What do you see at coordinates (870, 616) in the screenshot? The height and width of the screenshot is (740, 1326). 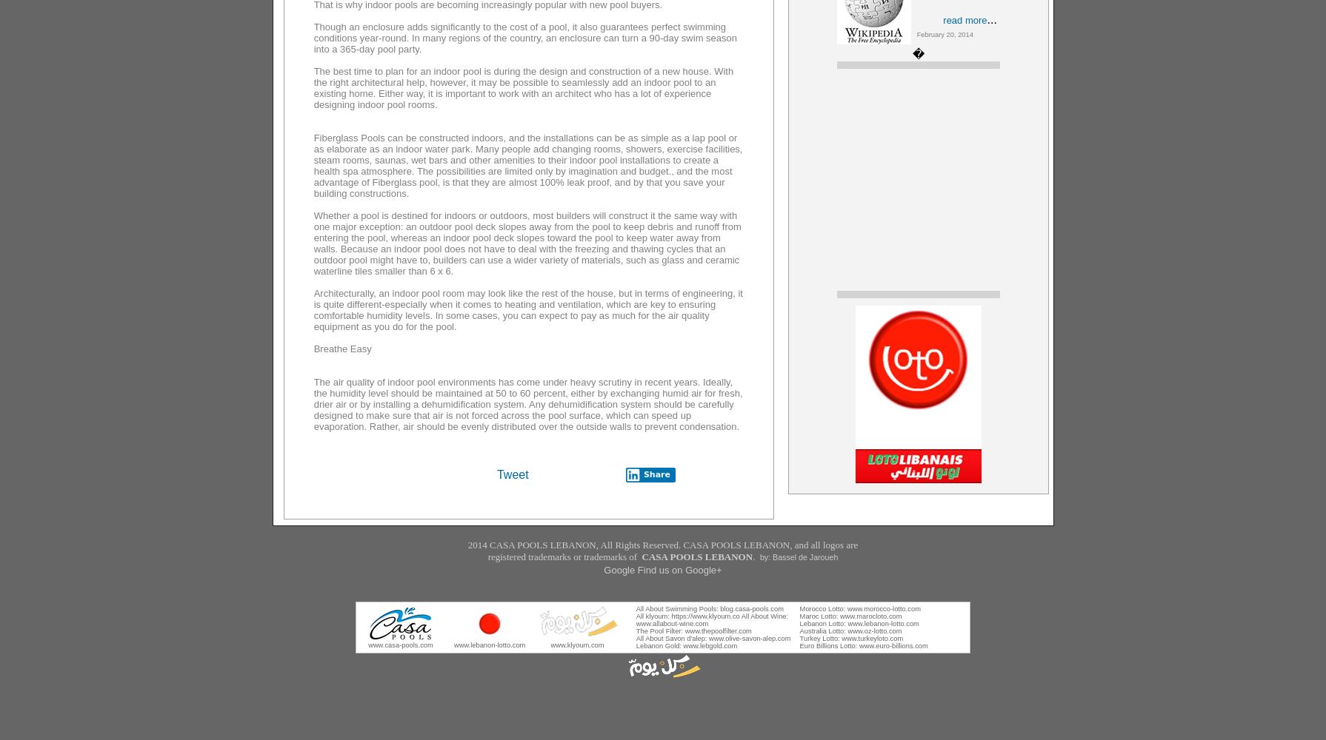 I see `'www.marocloto.com'` at bounding box center [870, 616].